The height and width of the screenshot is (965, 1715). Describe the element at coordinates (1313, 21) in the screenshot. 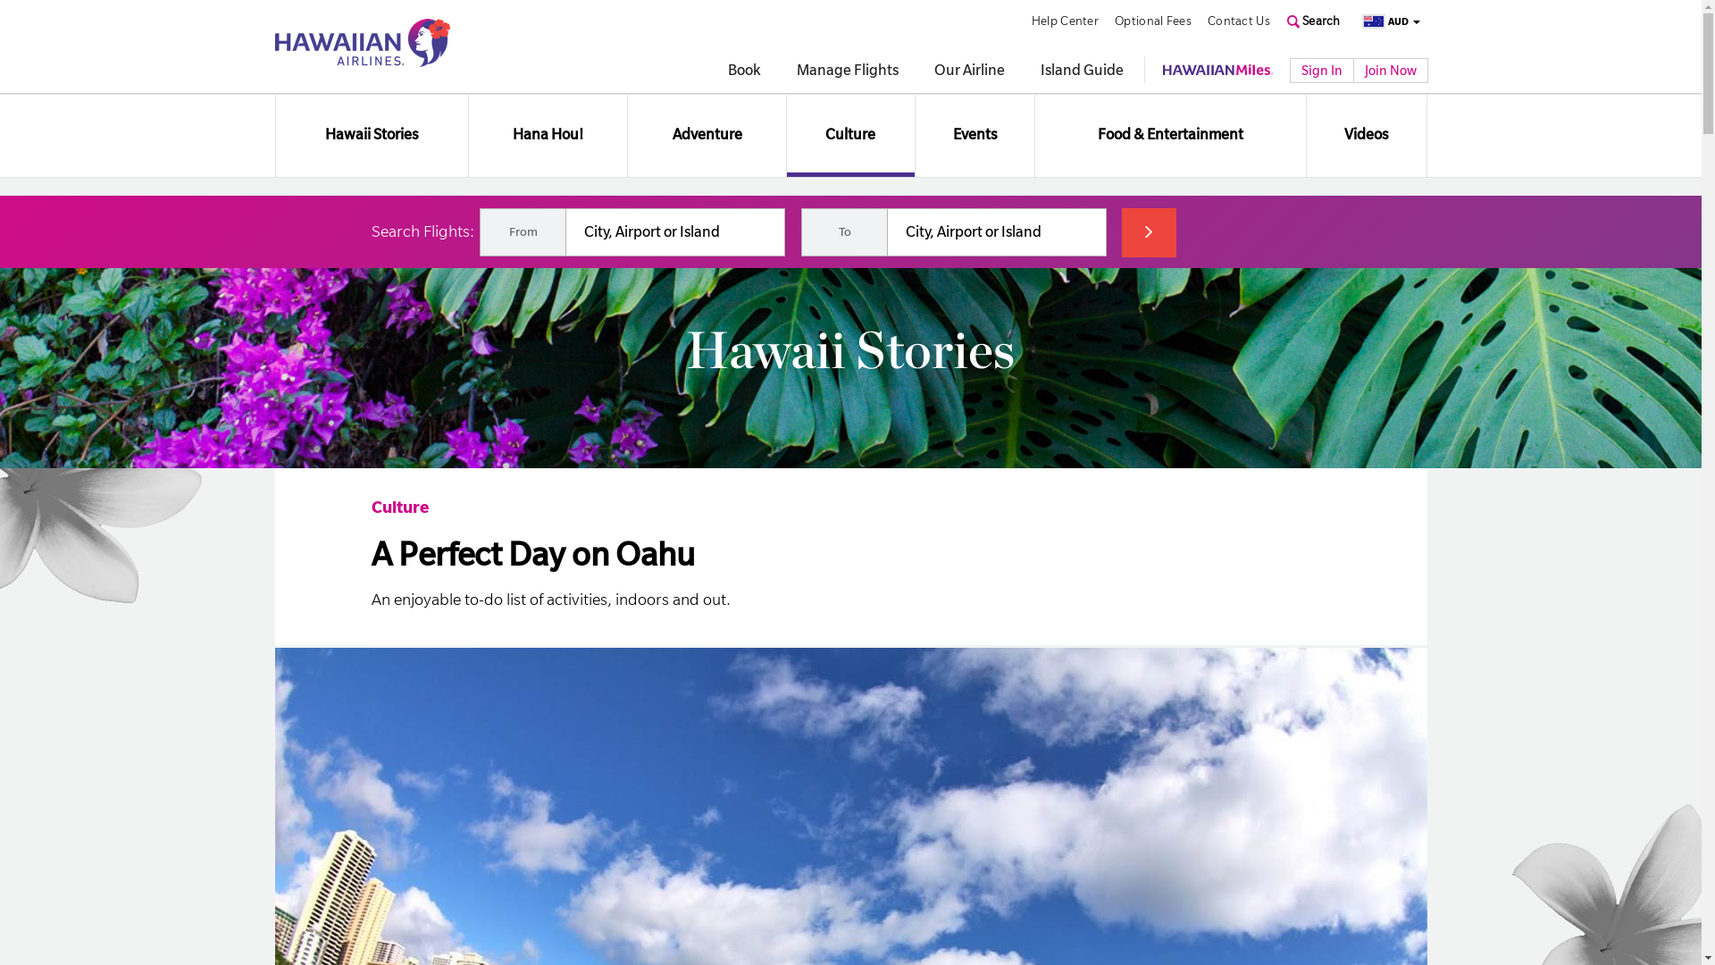

I see `'Search'` at that location.